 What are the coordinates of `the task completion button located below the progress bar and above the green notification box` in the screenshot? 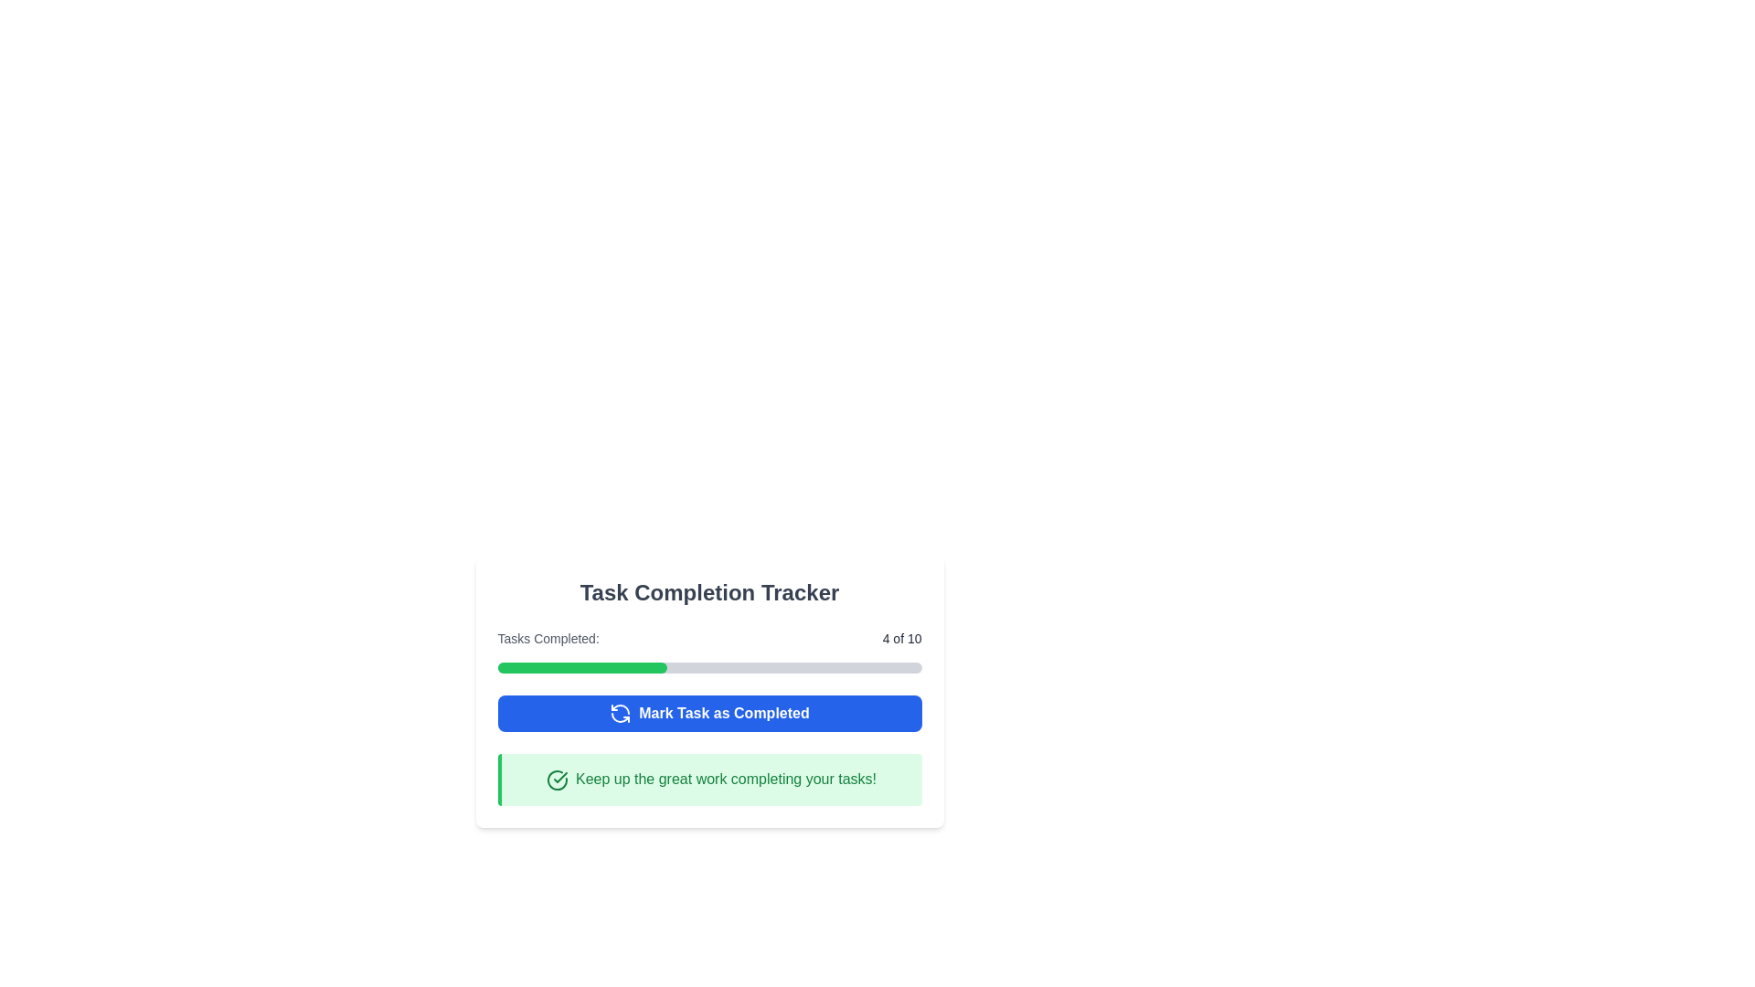 It's located at (708, 712).